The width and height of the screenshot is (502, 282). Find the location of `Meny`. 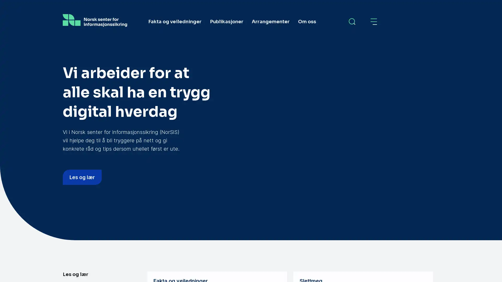

Meny is located at coordinates (374, 21).